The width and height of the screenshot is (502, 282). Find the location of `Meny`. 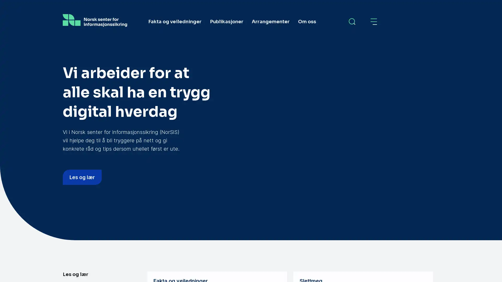

Meny is located at coordinates (374, 21).